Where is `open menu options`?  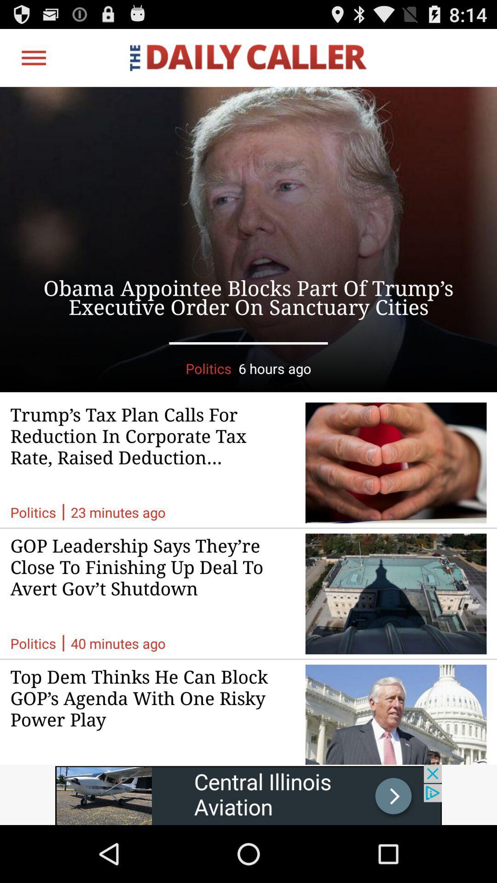 open menu options is located at coordinates (33, 57).